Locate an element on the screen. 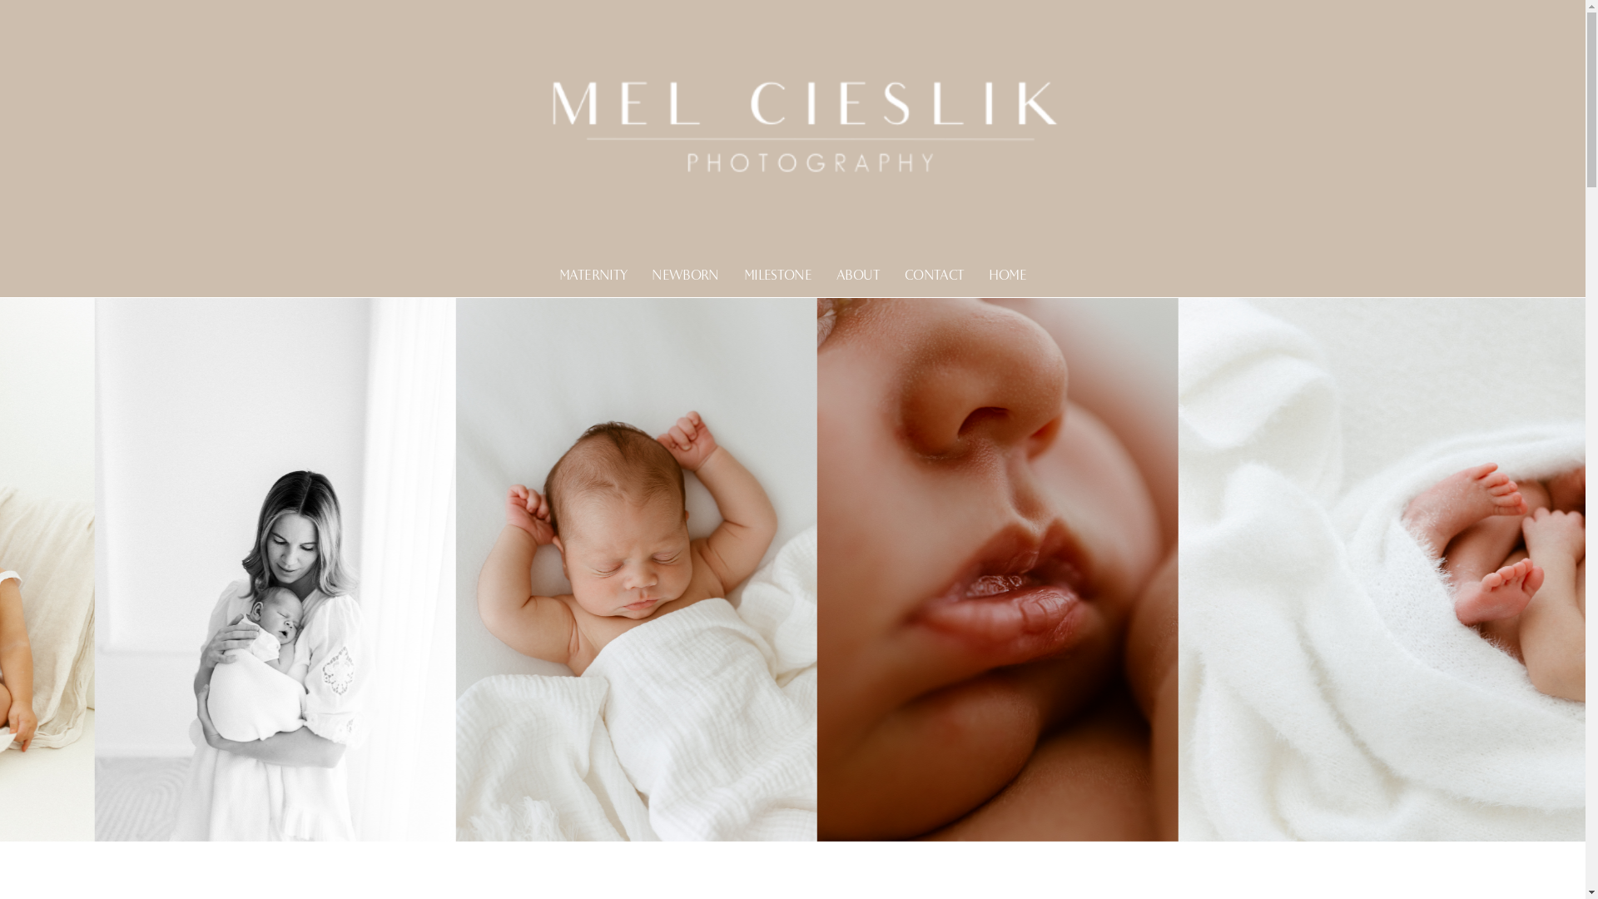 This screenshot has height=899, width=1598. 'NEWBORN' is located at coordinates (685, 275).